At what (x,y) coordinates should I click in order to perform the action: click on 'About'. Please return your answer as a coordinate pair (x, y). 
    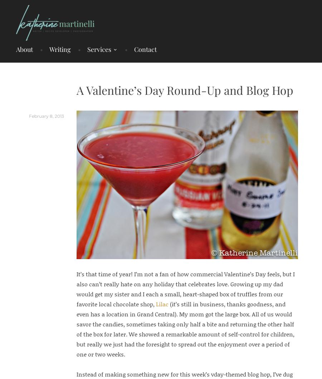
    Looking at the image, I should click on (24, 49).